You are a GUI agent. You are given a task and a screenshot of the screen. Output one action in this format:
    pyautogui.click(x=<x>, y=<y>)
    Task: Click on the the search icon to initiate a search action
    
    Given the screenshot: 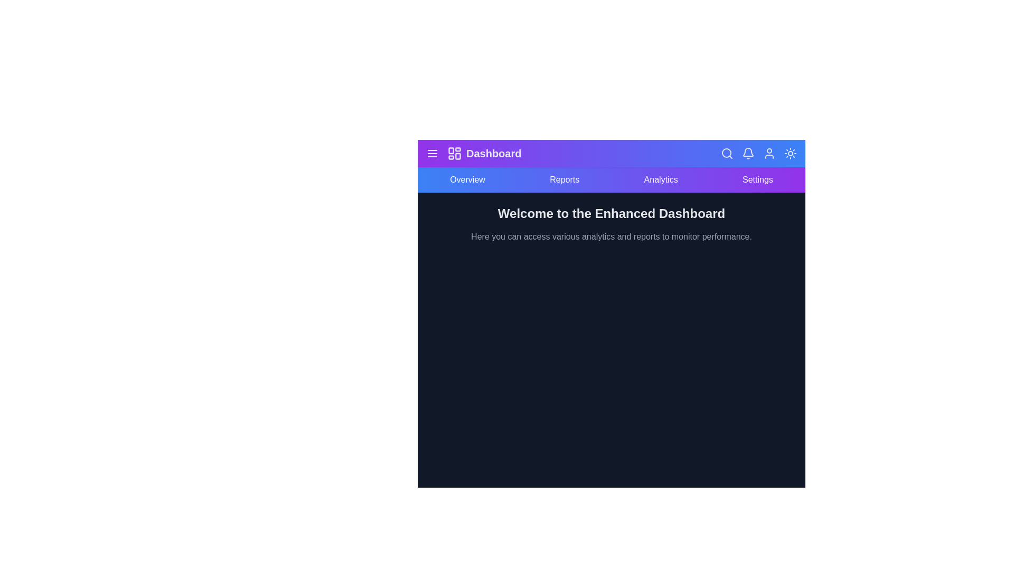 What is the action you would take?
    pyautogui.click(x=727, y=153)
    